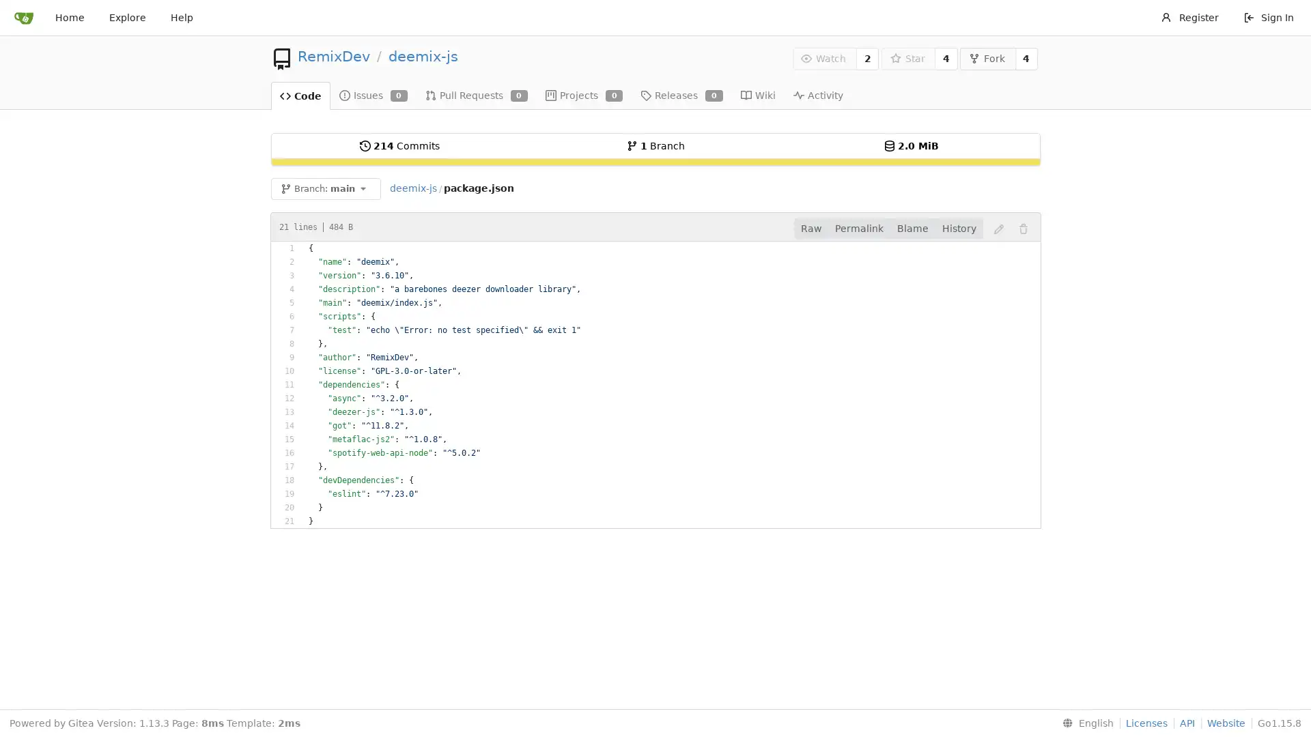 Image resolution: width=1311 pixels, height=737 pixels. Describe the element at coordinates (823, 57) in the screenshot. I see `Watch` at that location.